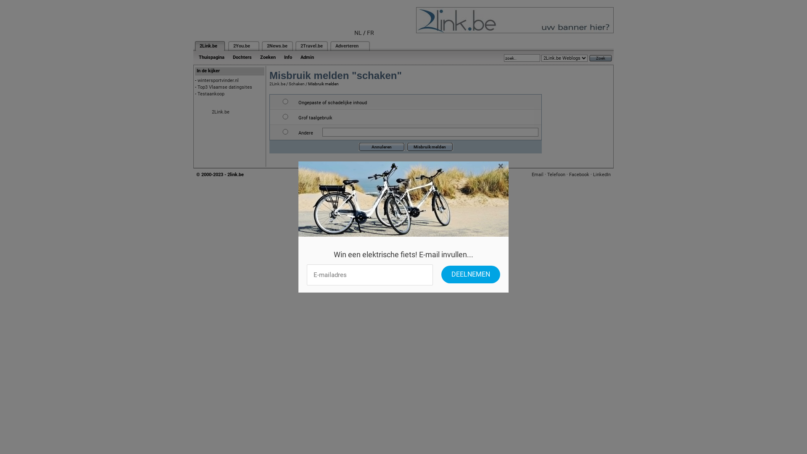 This screenshot has width=807, height=454. I want to click on '2Link.be', so click(199, 46).